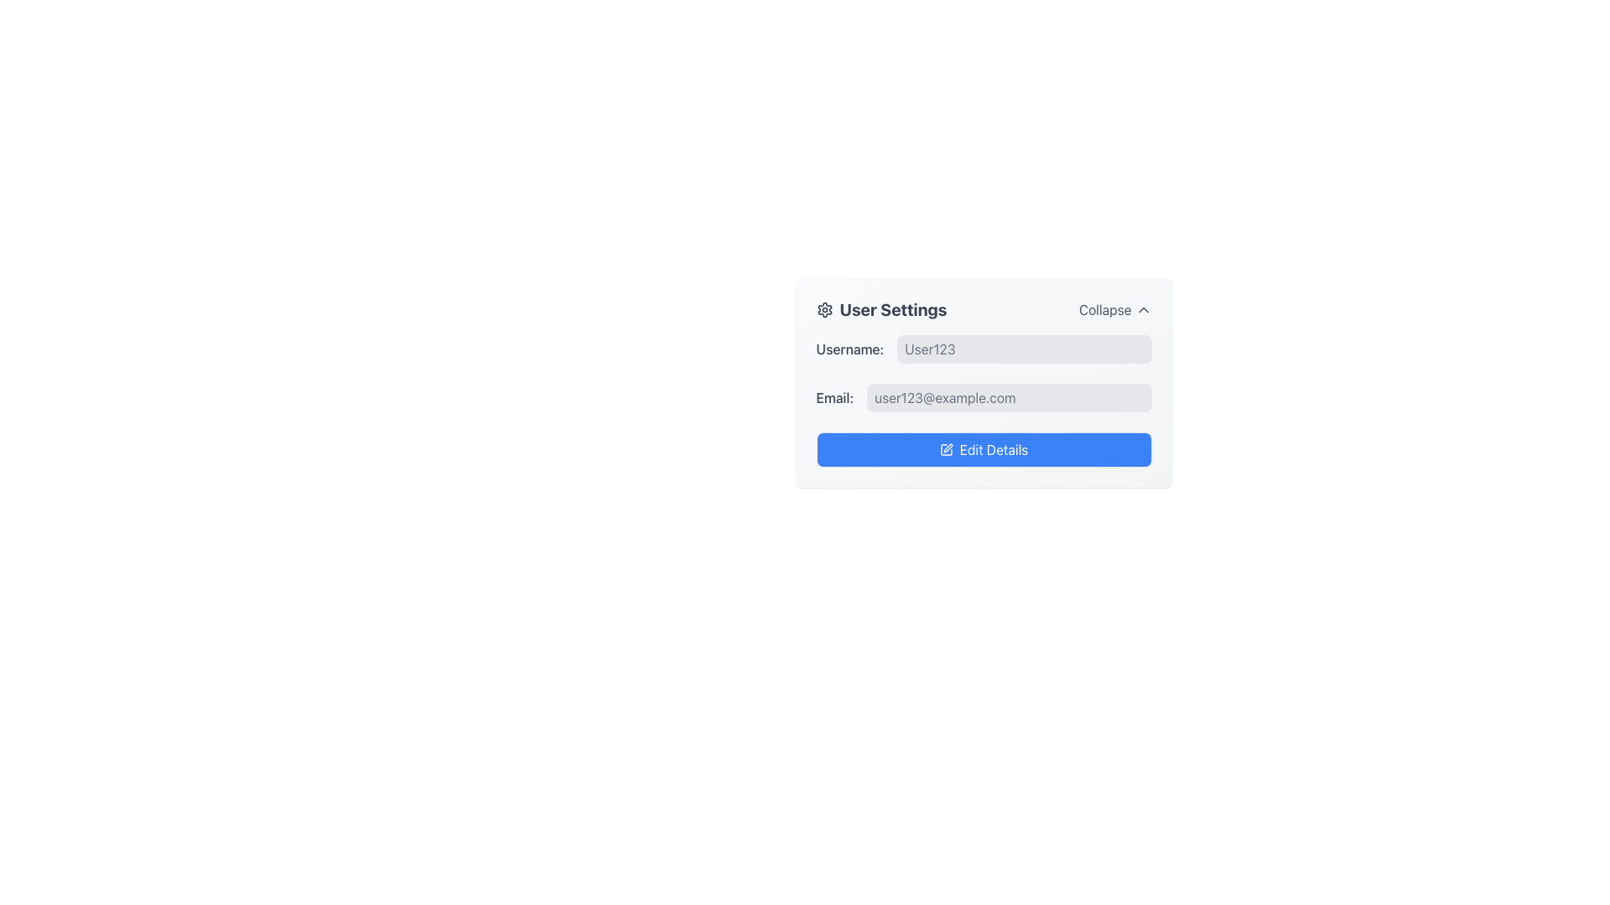 The height and width of the screenshot is (905, 1610). Describe the element at coordinates (946, 448) in the screenshot. I see `the icon indicating the 'Edit Details' button` at that location.